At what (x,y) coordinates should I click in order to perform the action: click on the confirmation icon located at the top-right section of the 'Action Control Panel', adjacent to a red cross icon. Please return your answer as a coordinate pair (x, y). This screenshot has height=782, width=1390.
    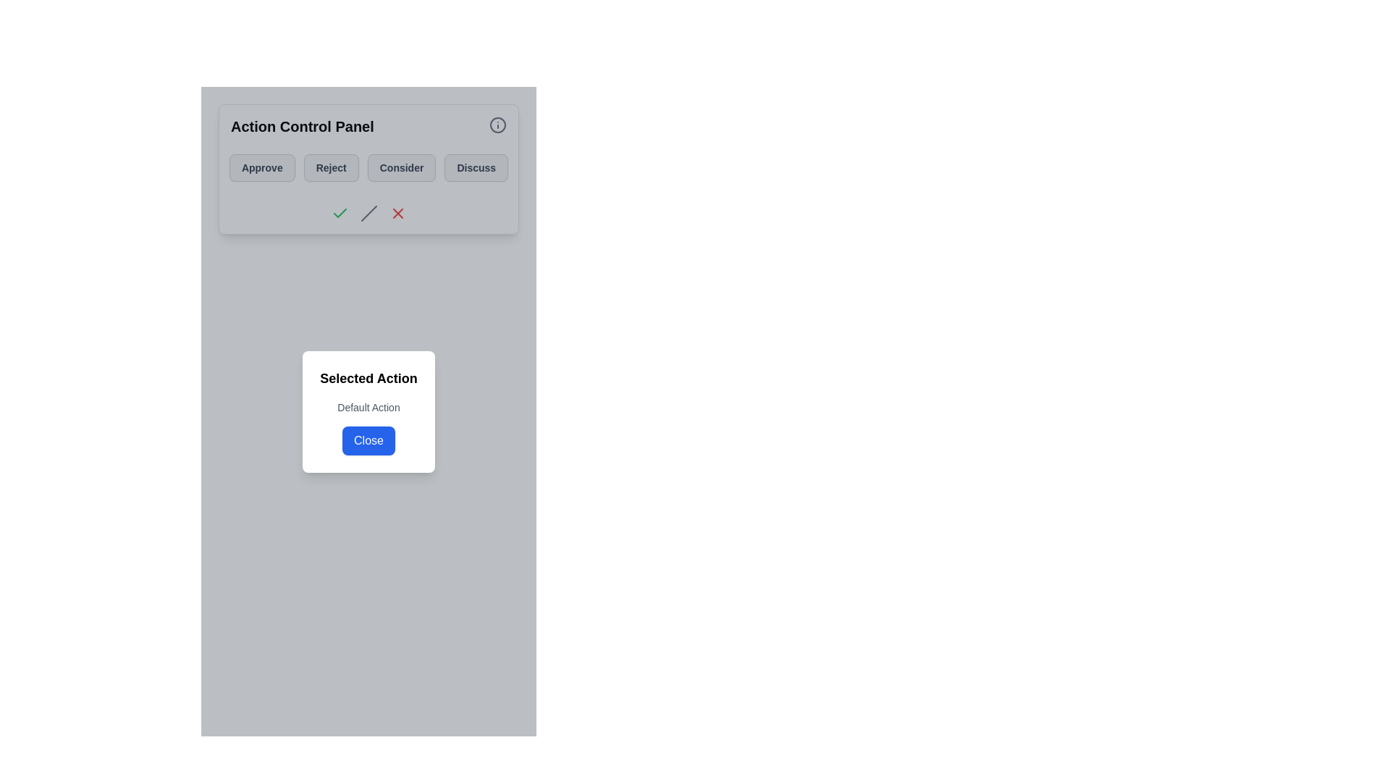
    Looking at the image, I should click on (339, 213).